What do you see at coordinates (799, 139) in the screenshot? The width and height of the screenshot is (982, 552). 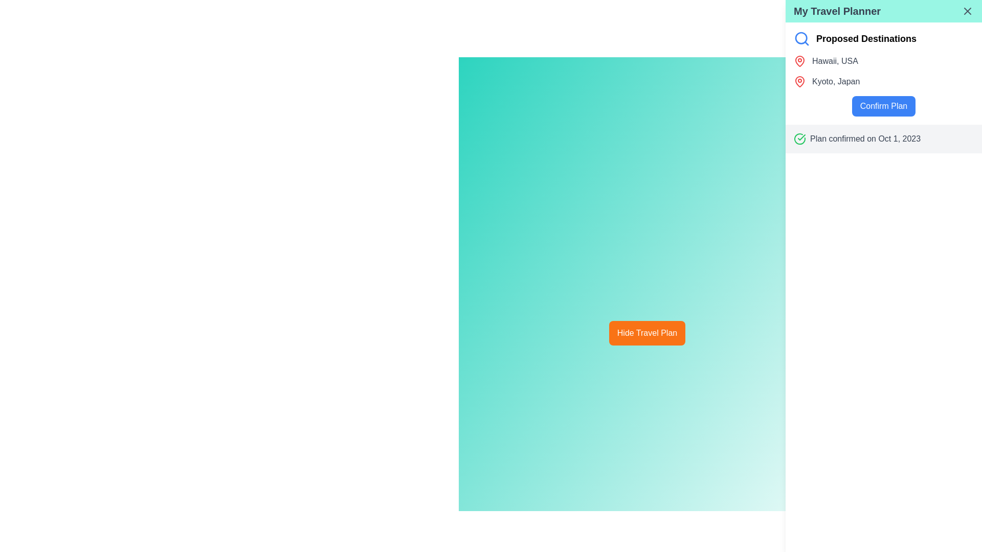 I see `the confirmation success icon located in the sidebar next to the text 'Plan confirmed on Oct 1, 2023'` at bounding box center [799, 139].